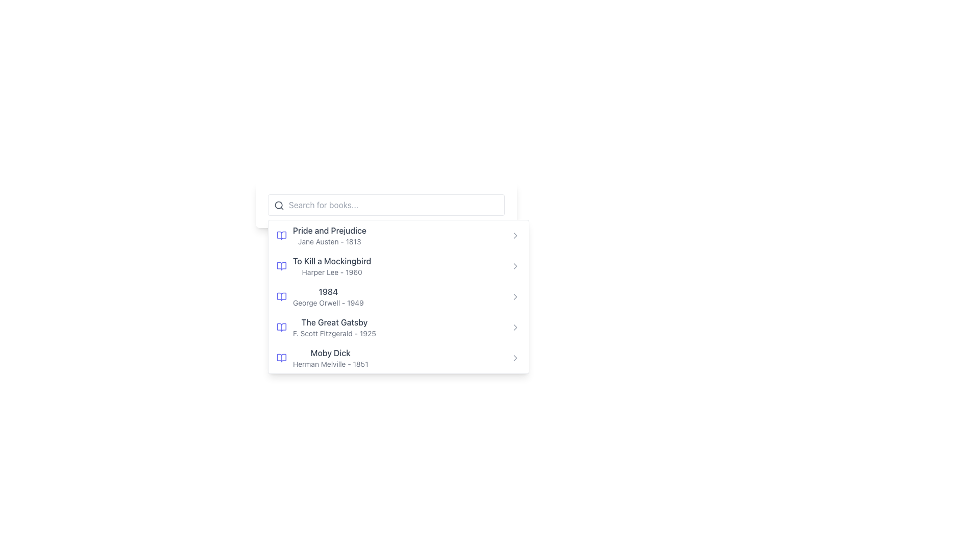 This screenshot has width=980, height=551. I want to click on the book icon that precedes the text 'The Great Gatsby F. Scott Fitzgerald - 1925', so click(282, 327).